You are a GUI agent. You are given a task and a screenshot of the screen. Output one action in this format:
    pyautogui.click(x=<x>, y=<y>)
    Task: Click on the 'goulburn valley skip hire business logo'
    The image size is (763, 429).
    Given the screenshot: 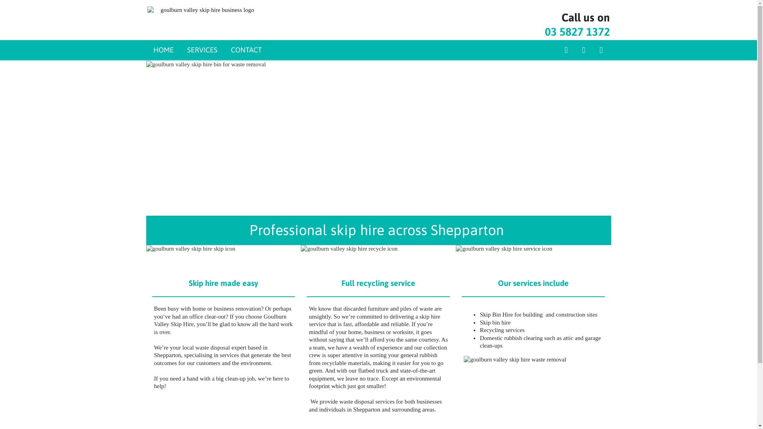 What is the action you would take?
    pyautogui.click(x=204, y=10)
    